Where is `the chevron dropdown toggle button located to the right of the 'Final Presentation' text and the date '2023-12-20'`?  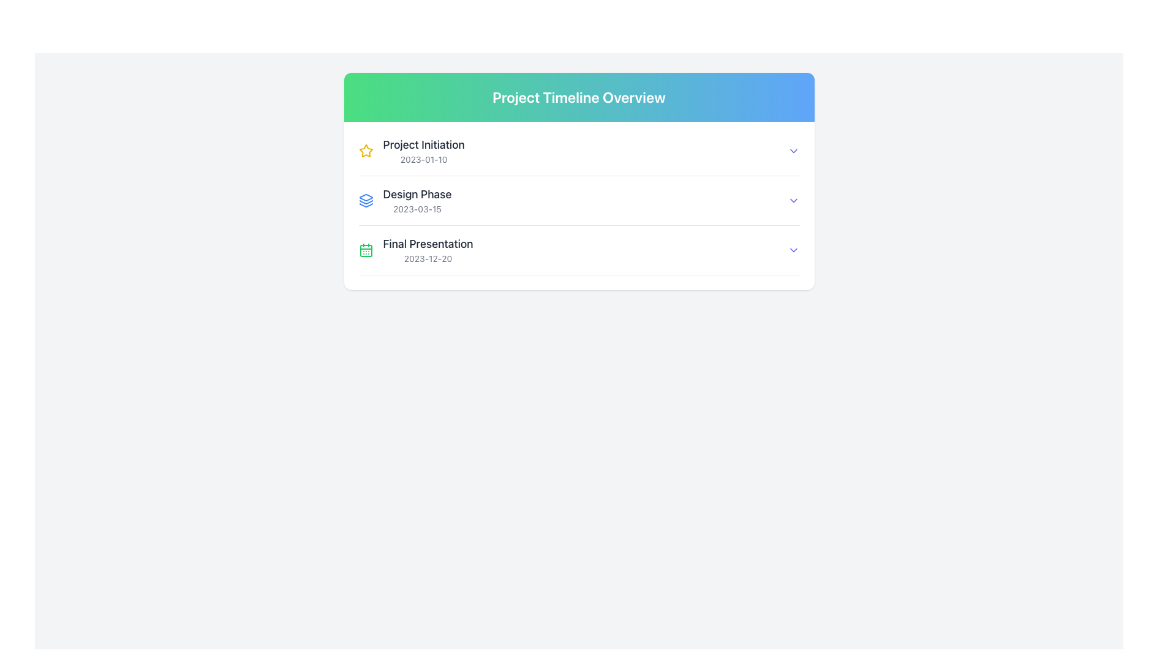
the chevron dropdown toggle button located to the right of the 'Final Presentation' text and the date '2023-12-20' is located at coordinates (793, 249).